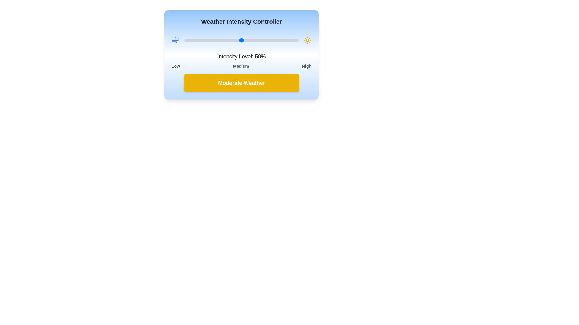  I want to click on the 'Moderate Weather' label to interact with it, so click(242, 83).